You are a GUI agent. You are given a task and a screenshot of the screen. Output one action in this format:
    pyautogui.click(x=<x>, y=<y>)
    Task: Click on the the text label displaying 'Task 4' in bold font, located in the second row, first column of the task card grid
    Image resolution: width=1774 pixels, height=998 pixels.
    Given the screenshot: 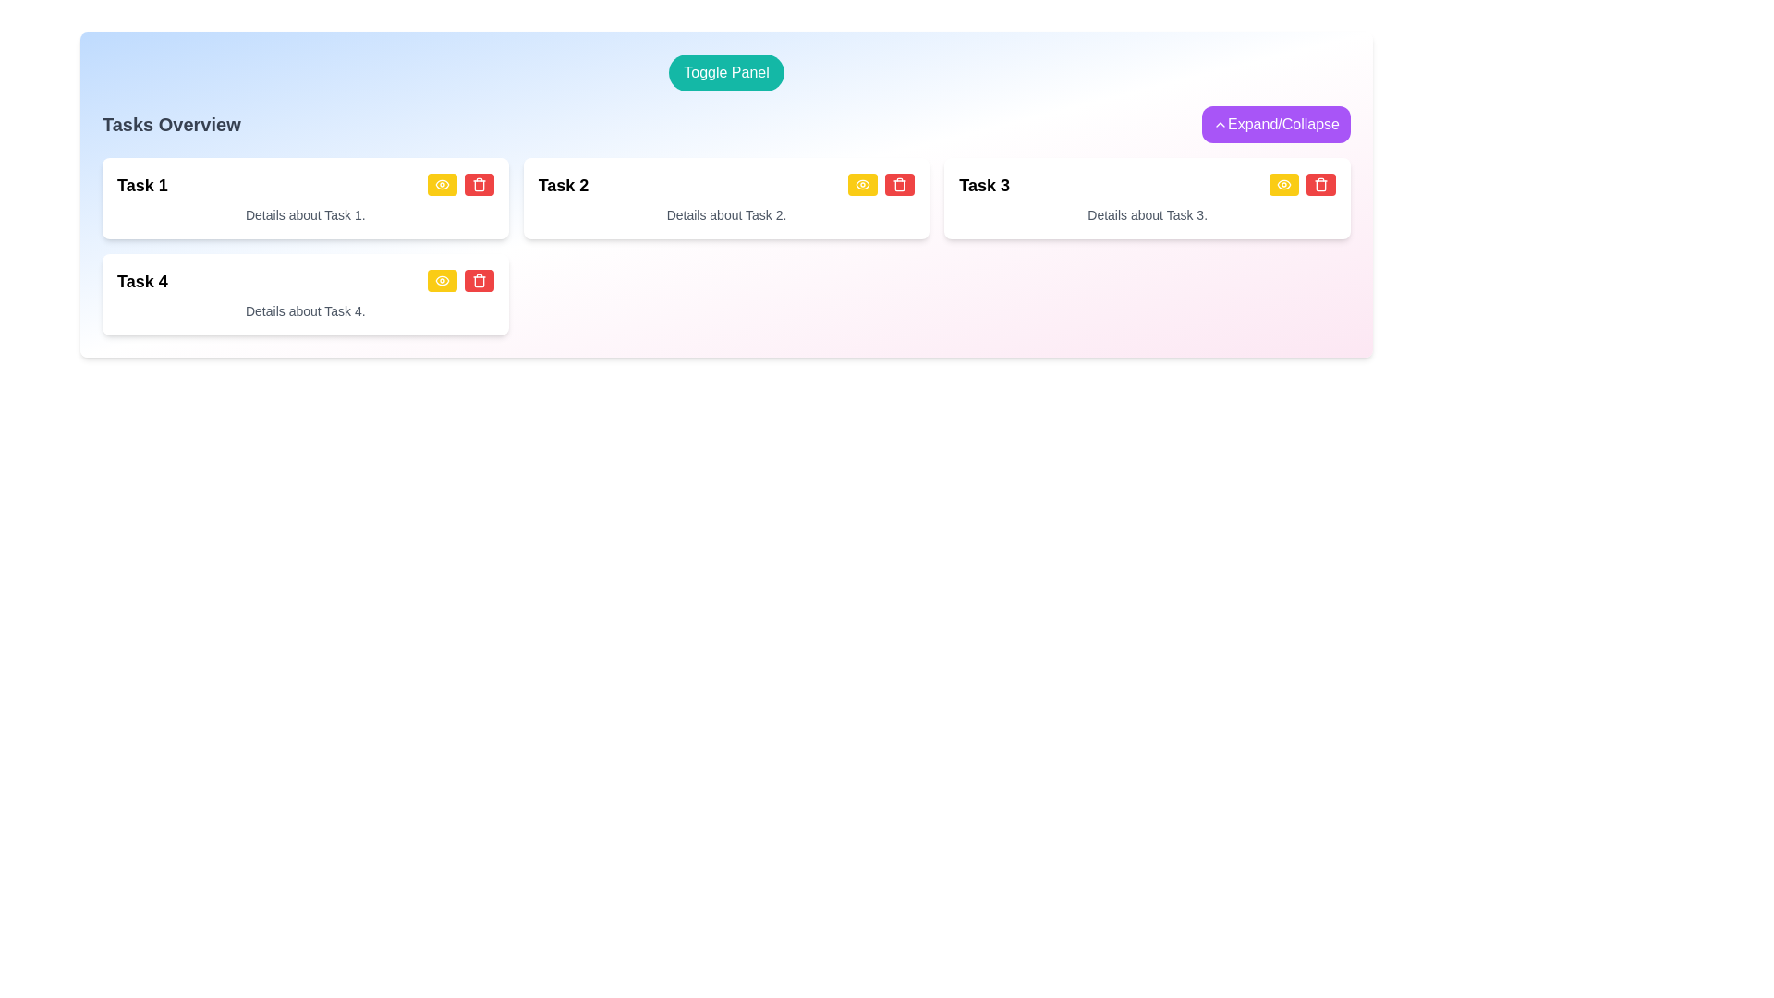 What is the action you would take?
    pyautogui.click(x=141, y=281)
    